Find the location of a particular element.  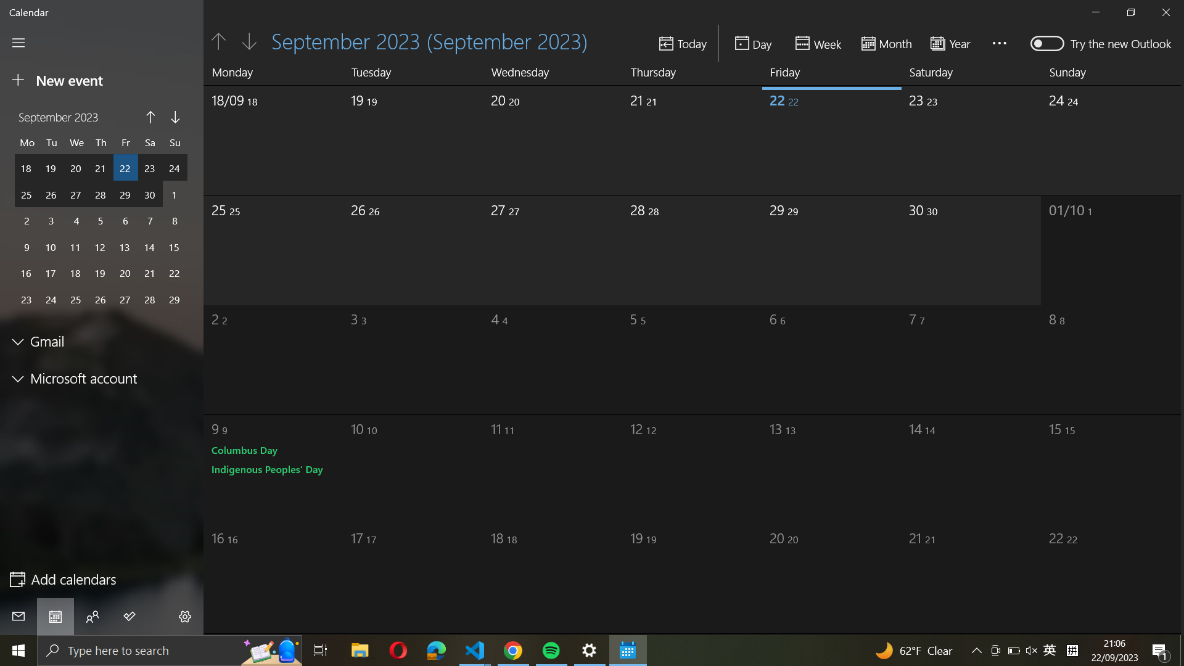

Inspect the emails connected to this particular calendar is located at coordinates (102, 342).